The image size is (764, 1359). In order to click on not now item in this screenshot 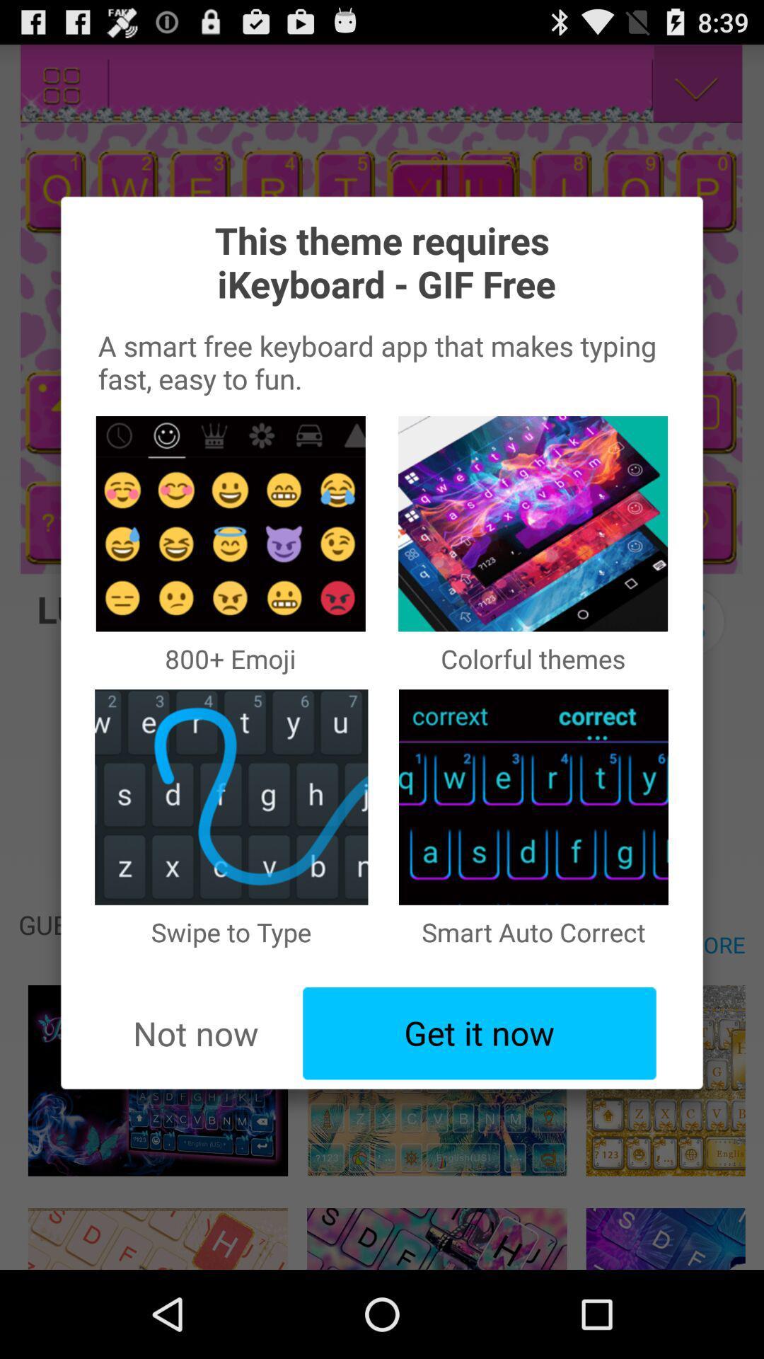, I will do `click(195, 1033)`.